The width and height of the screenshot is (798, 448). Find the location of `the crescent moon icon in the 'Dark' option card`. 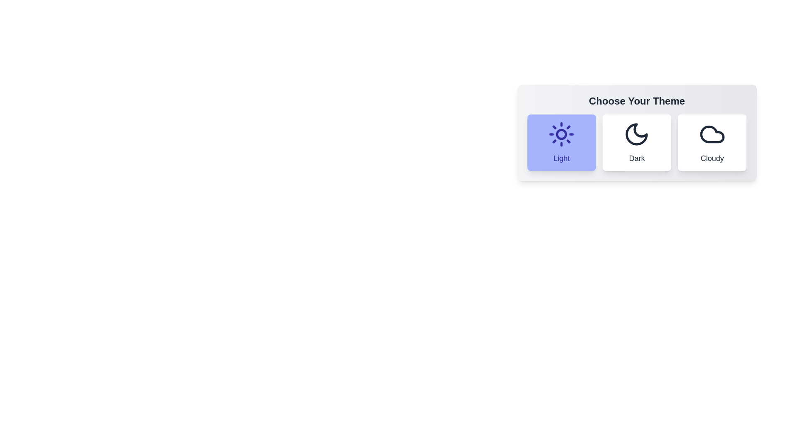

the crescent moon icon in the 'Dark' option card is located at coordinates (636, 134).